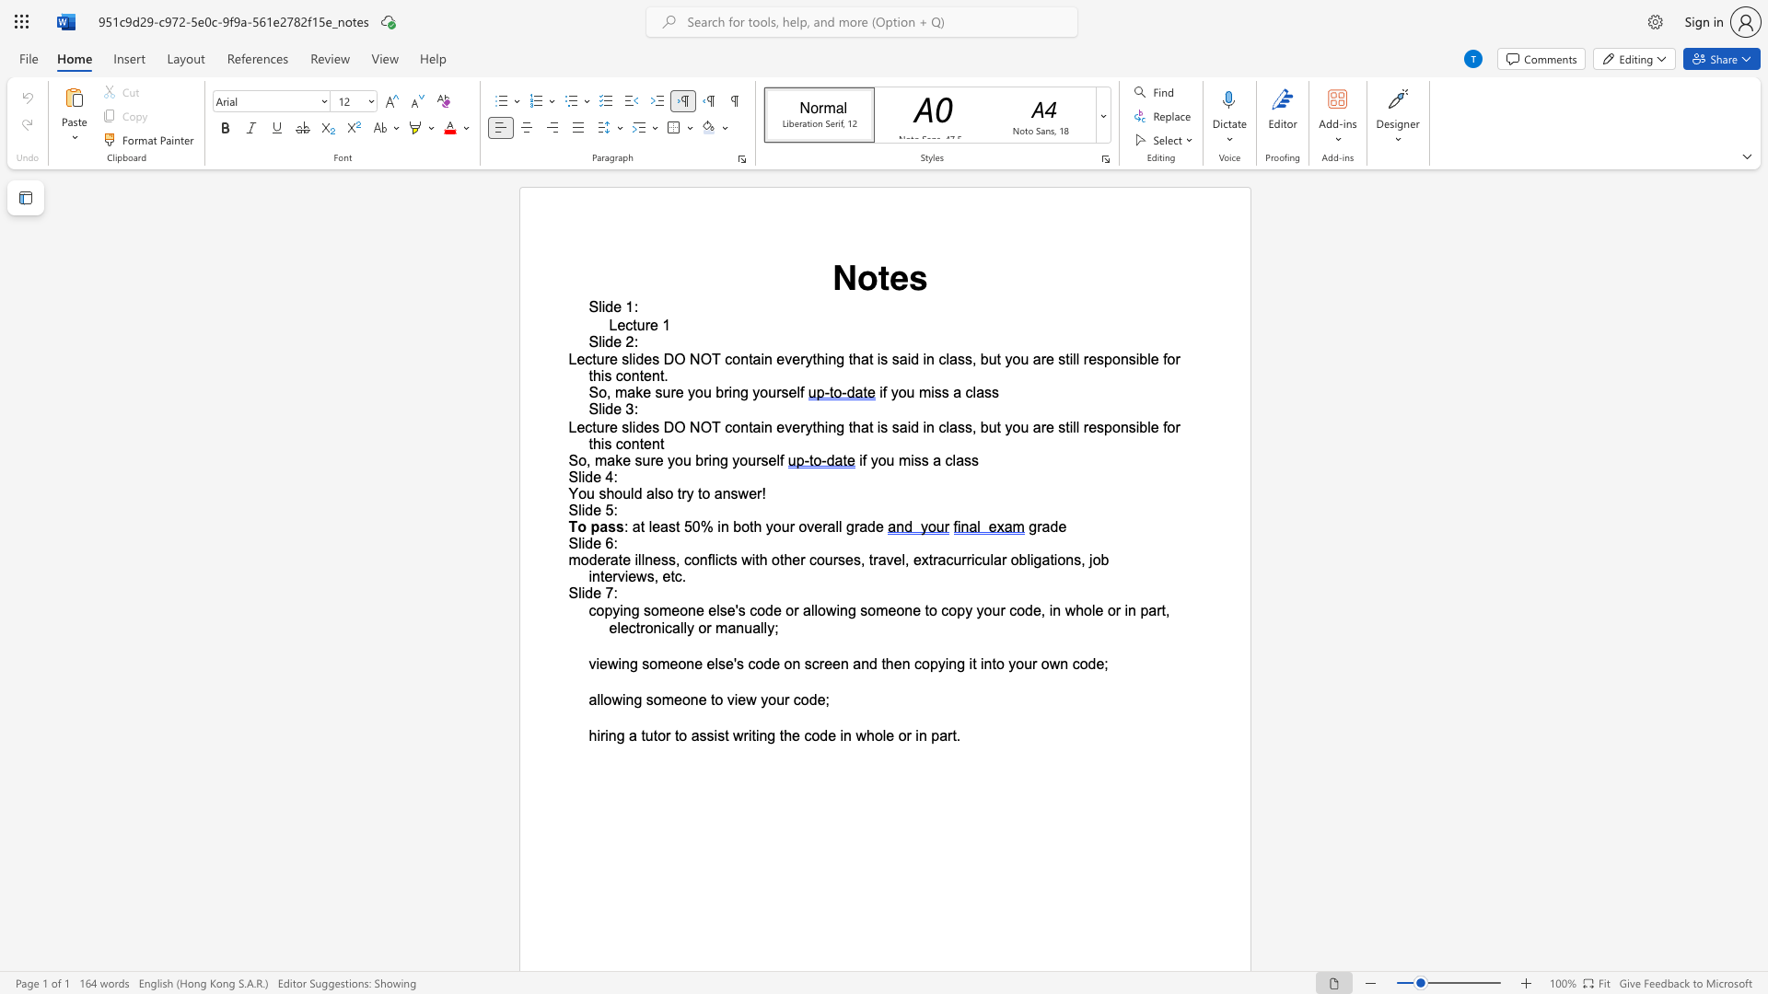 This screenshot has height=994, width=1768. Describe the element at coordinates (658, 664) in the screenshot. I see `the space between the continuous character "o" and "m" in the text` at that location.